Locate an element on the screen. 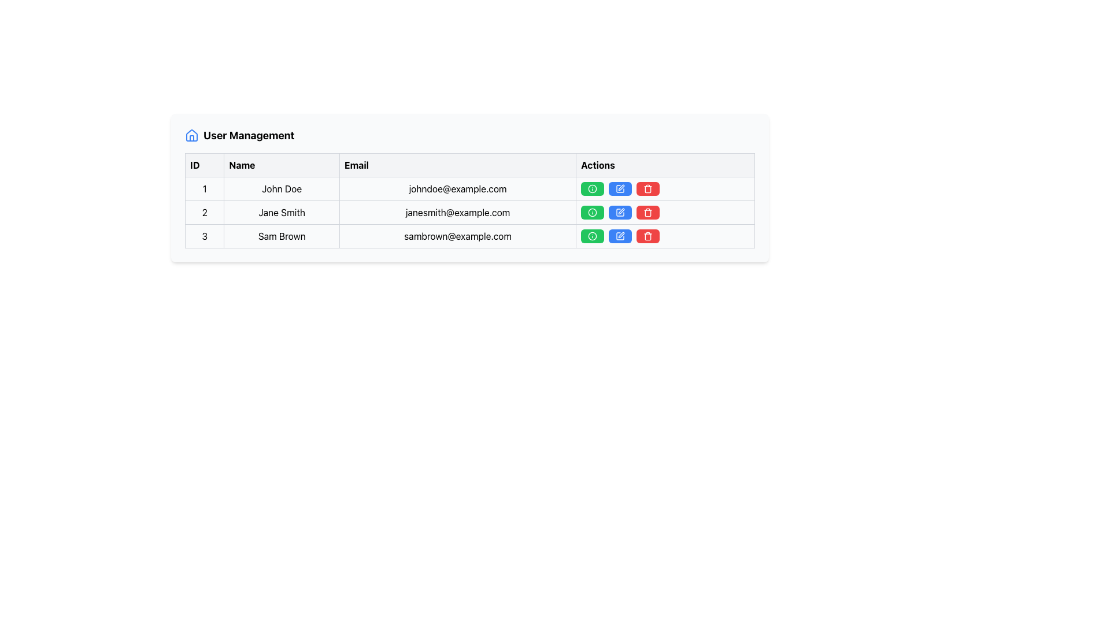 This screenshot has width=1110, height=624. the home icon located to the left of the 'User Management' title in the heading area of the management UI table is located at coordinates (191, 135).